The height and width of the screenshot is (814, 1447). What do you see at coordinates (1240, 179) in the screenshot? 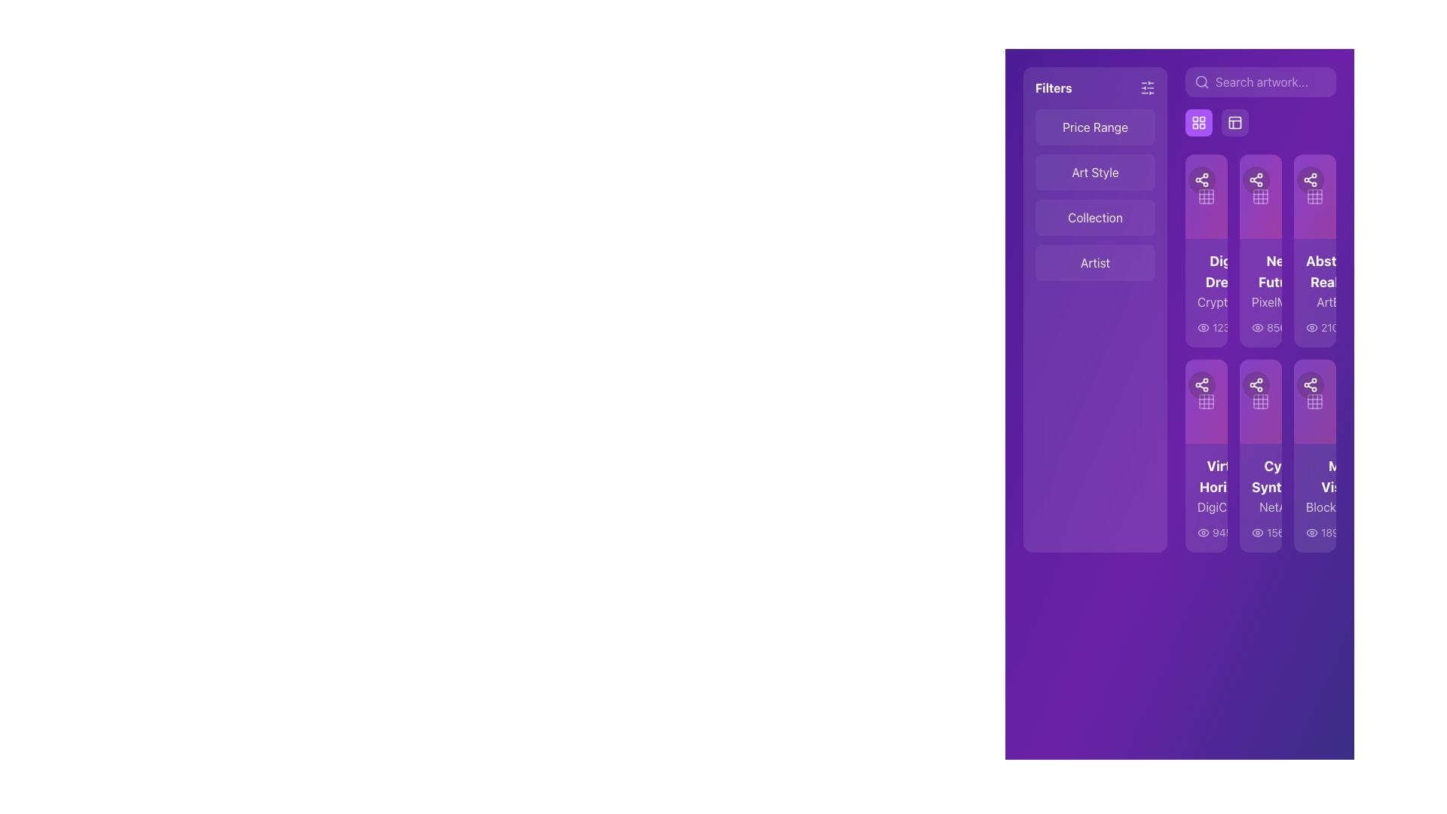
I see `the circular share icon with a white symbol on a purple gradient background, located in the second card of the top row of icons in the grid layout` at bounding box center [1240, 179].